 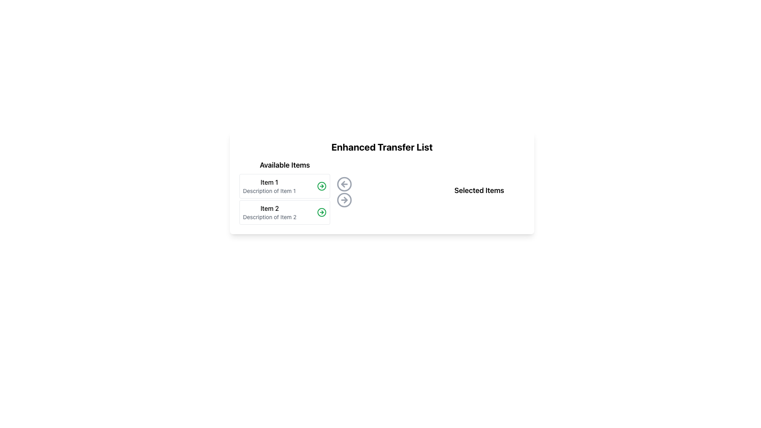 I want to click on the circular border element with a light gray border that features a left-pointing arrow, located below the heading 'Enhanced Transfer List', so click(x=344, y=184).